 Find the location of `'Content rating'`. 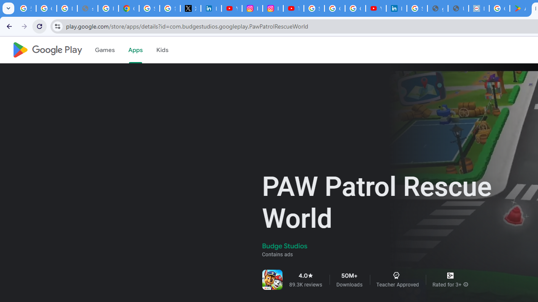

'Content rating' is located at coordinates (450, 276).